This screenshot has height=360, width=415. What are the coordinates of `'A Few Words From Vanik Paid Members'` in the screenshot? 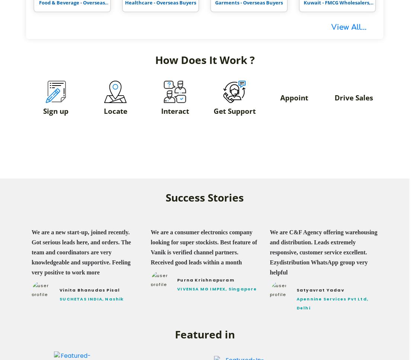 It's located at (144, 226).